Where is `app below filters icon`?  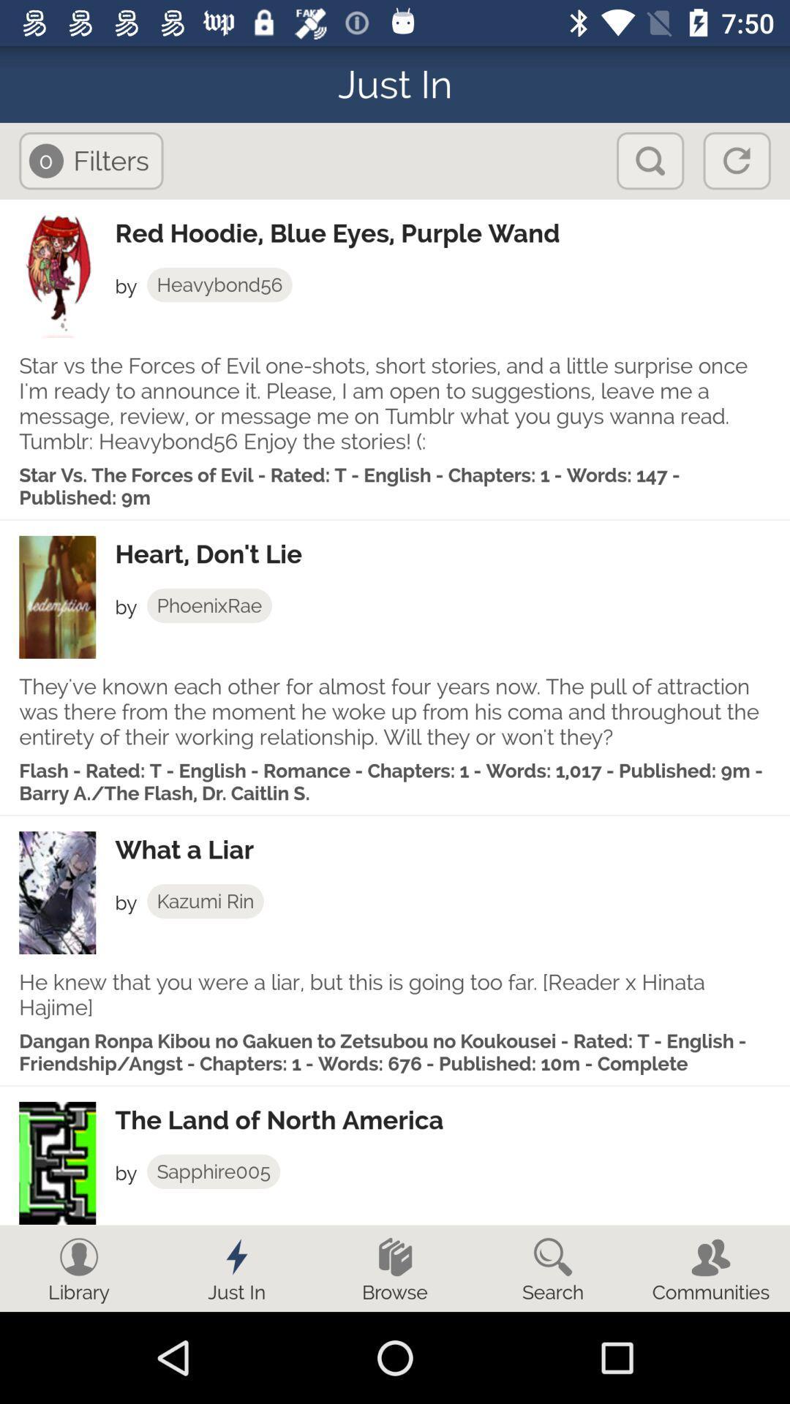 app below filters icon is located at coordinates (451, 233).